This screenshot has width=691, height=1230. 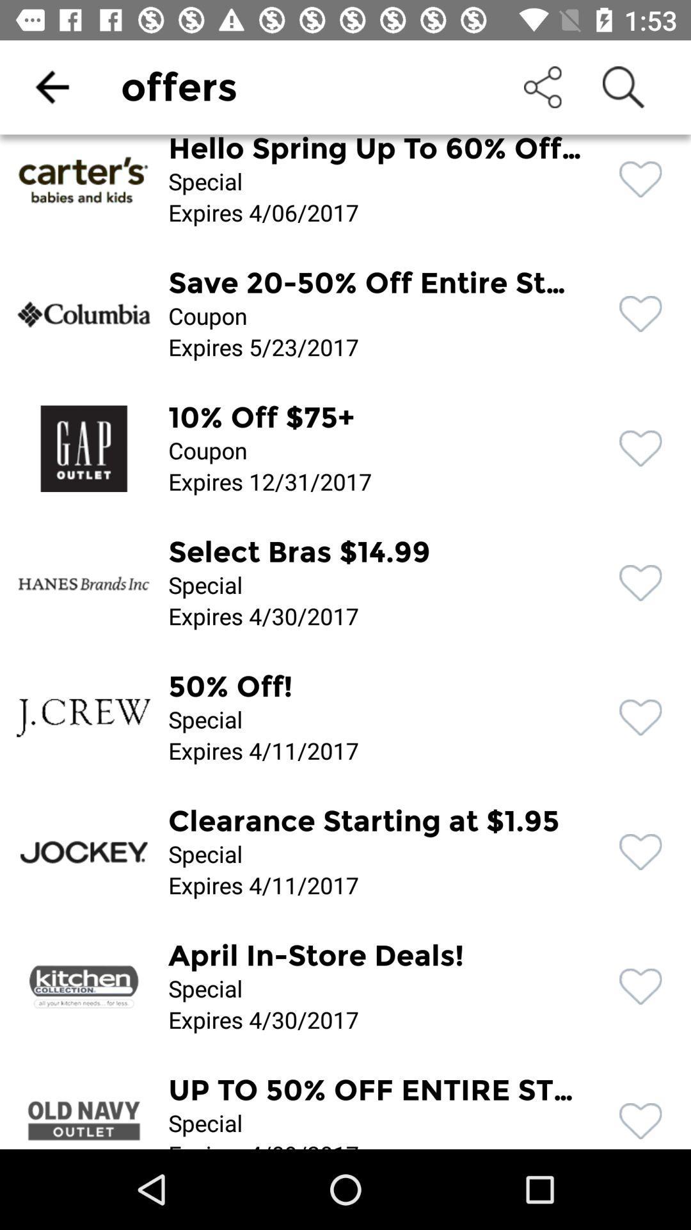 What do you see at coordinates (51, 86) in the screenshot?
I see `the icon to the left of offers icon` at bounding box center [51, 86].